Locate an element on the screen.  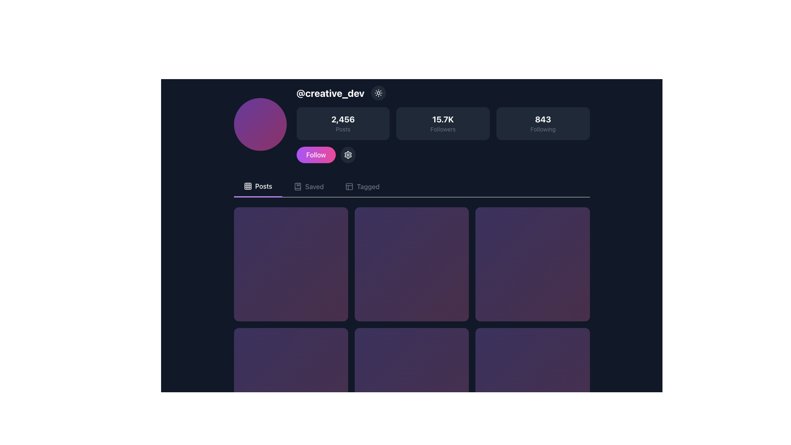
the Text-based stat indicator displaying 'Posts', 'Followers', and 'Following' metrics, specifically the '15.7K Followers' metric, which is centrally located below the username '@creative_dev' is located at coordinates (442, 124).